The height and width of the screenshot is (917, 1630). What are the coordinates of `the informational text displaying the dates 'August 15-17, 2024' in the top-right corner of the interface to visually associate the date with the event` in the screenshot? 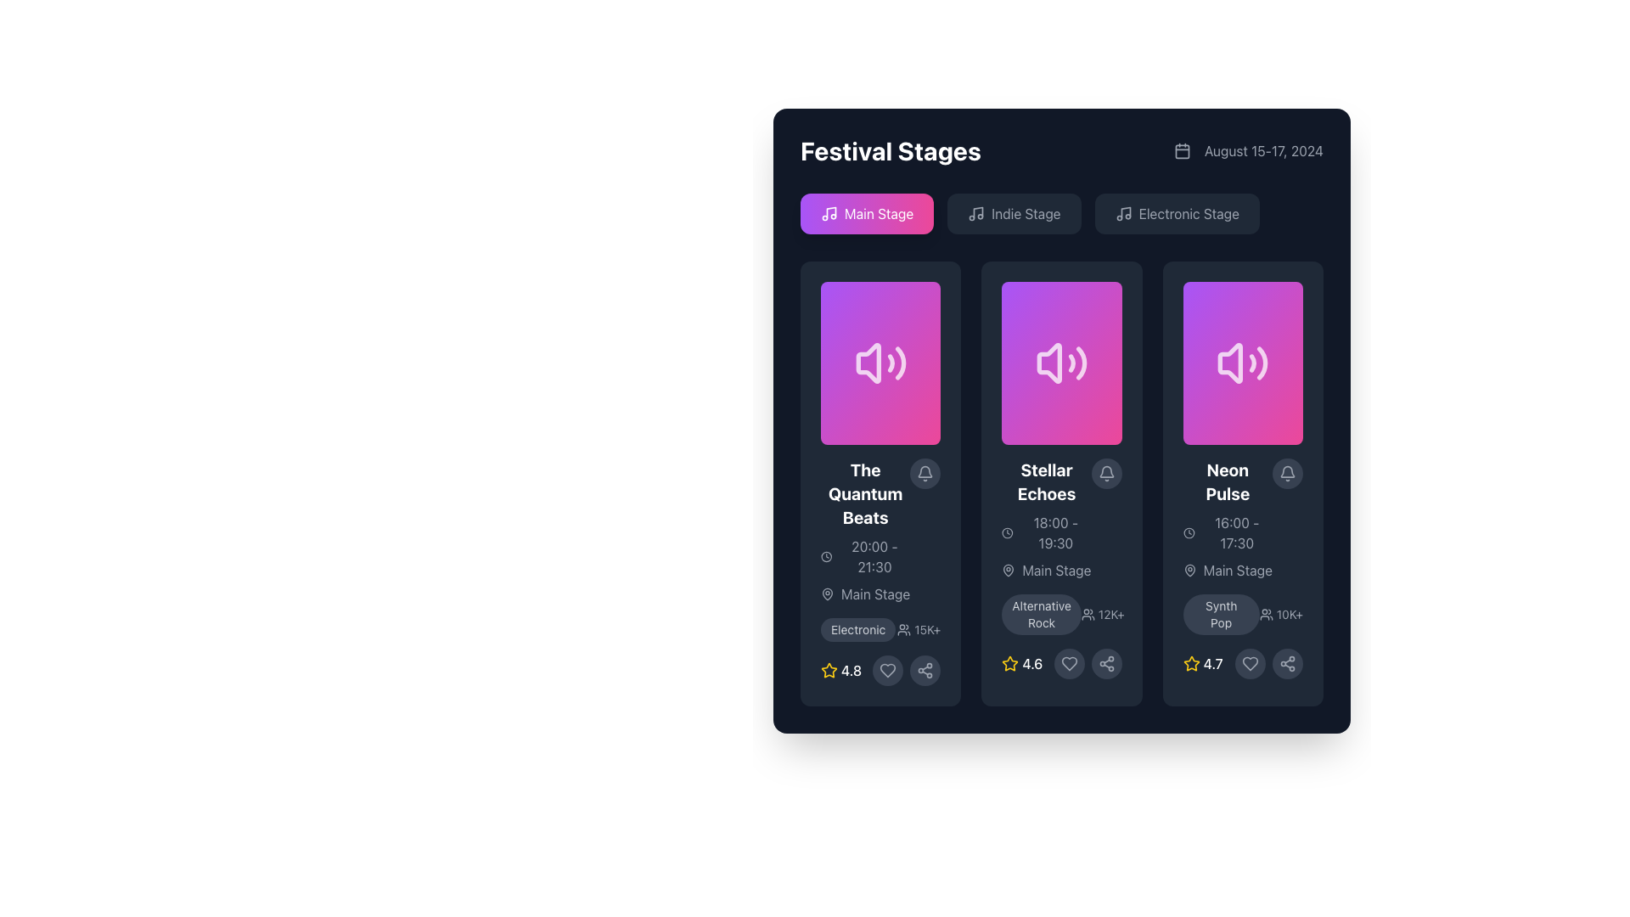 It's located at (1248, 149).